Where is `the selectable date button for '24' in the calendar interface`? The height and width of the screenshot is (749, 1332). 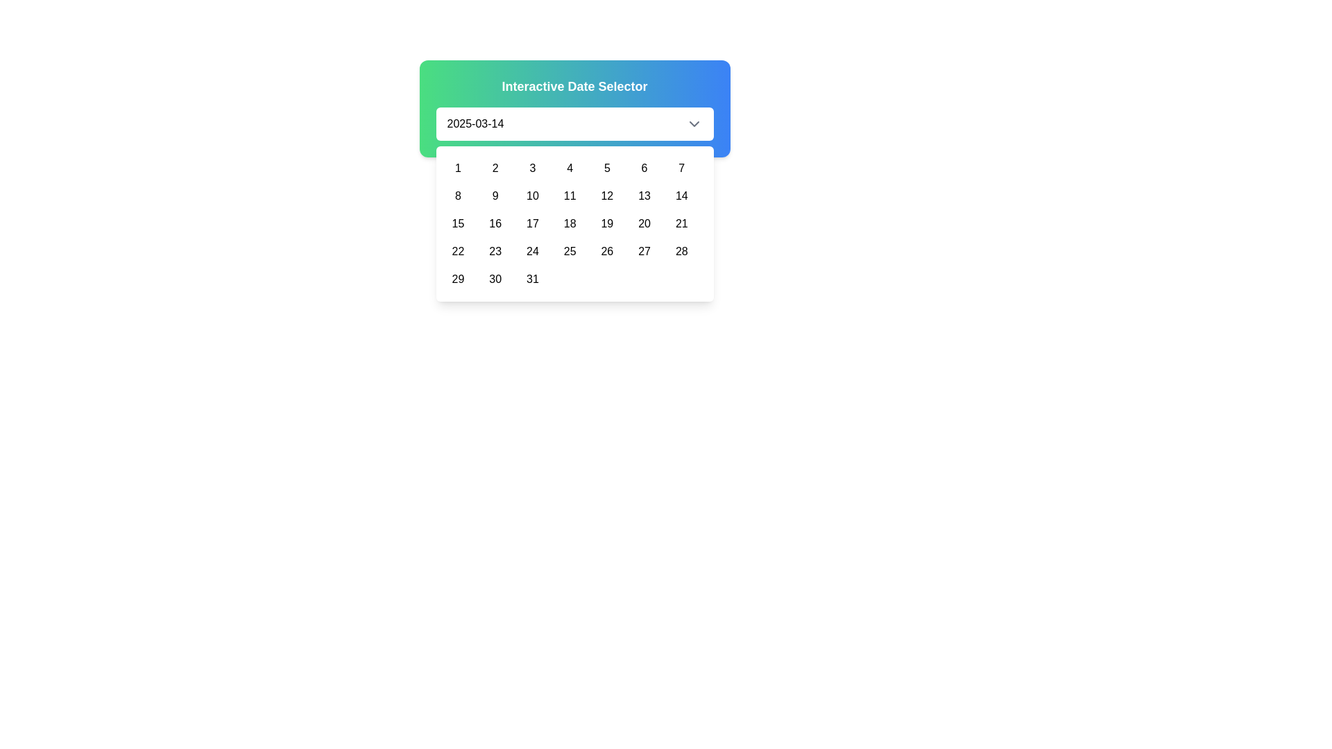 the selectable date button for '24' in the calendar interface is located at coordinates (532, 251).